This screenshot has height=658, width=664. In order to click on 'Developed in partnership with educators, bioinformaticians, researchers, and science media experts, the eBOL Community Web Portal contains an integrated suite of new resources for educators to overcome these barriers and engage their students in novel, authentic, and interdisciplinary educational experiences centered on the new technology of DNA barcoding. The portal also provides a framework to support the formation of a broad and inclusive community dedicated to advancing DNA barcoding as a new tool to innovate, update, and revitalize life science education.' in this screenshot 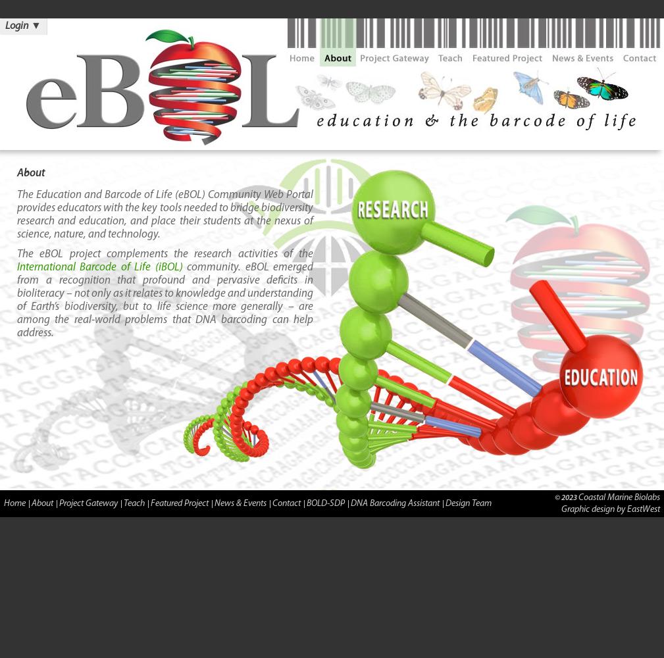, I will do `click(165, 583)`.